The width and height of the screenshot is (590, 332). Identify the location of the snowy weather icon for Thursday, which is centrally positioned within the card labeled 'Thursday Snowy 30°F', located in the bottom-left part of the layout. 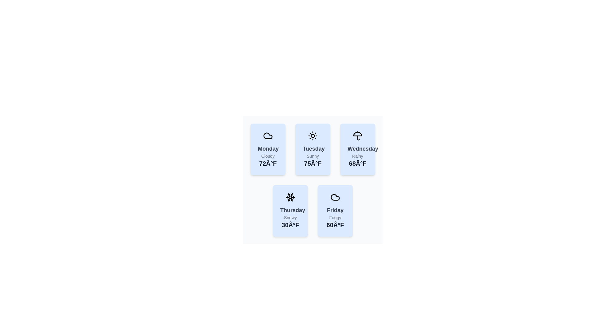
(290, 197).